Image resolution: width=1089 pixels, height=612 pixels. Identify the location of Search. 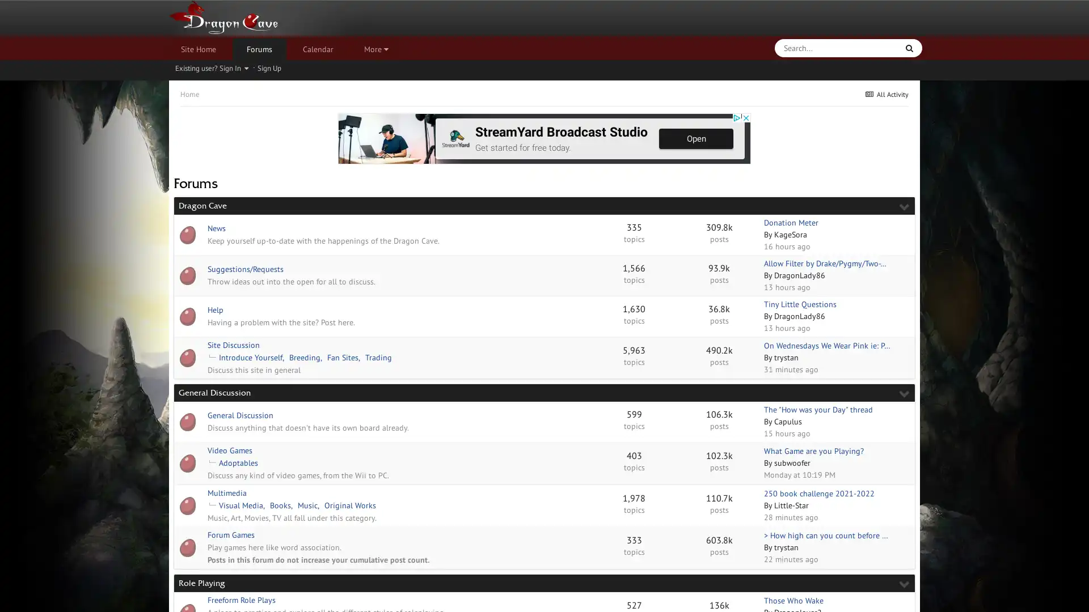
(909, 47).